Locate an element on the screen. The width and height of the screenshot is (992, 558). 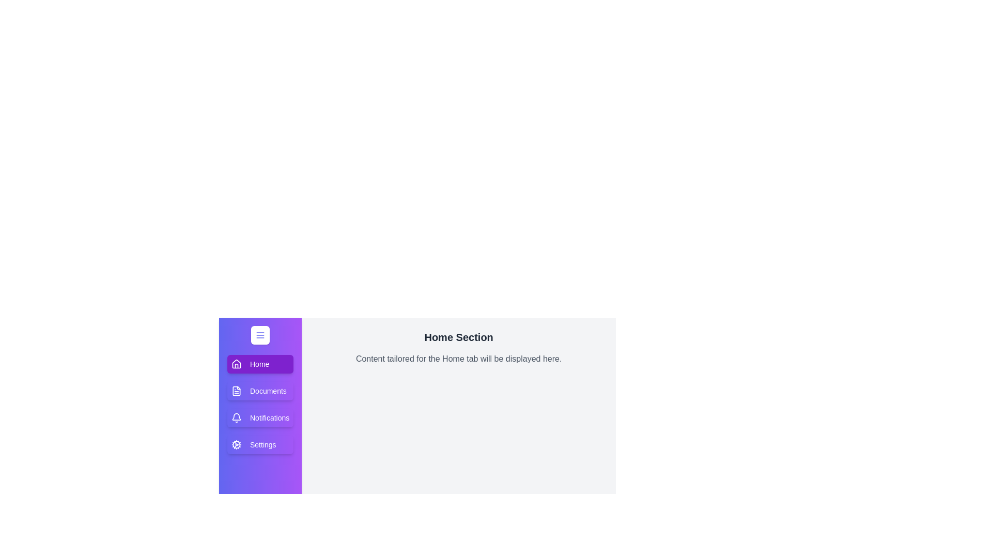
the Documents tab to view its content is located at coordinates (260, 391).